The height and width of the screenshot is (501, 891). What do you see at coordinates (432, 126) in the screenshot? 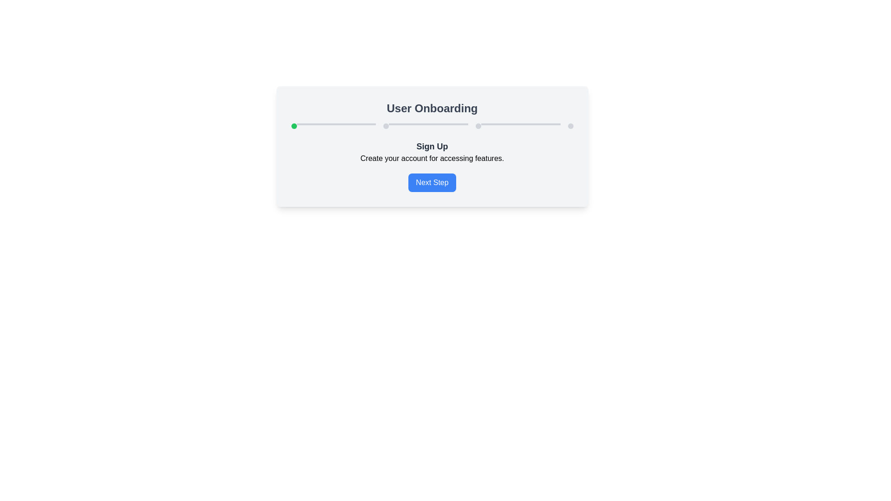
I see `the progression state of the circular steps and connecting lines in the Progress indicator located centrally below the title 'User Onboarding'` at bounding box center [432, 126].